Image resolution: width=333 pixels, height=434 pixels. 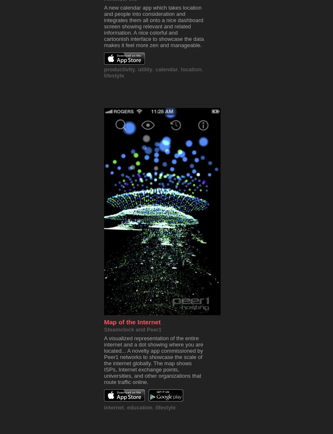 I want to click on 'A visualized representation of the entire internet and a dot showing where you are located... A novelty app commissioned by Peer1 networks to showcase the scale of the internet globally. The map shows ISPs, Internet exchange points, universities, and other organizations that route traffic online.', so click(x=153, y=360).